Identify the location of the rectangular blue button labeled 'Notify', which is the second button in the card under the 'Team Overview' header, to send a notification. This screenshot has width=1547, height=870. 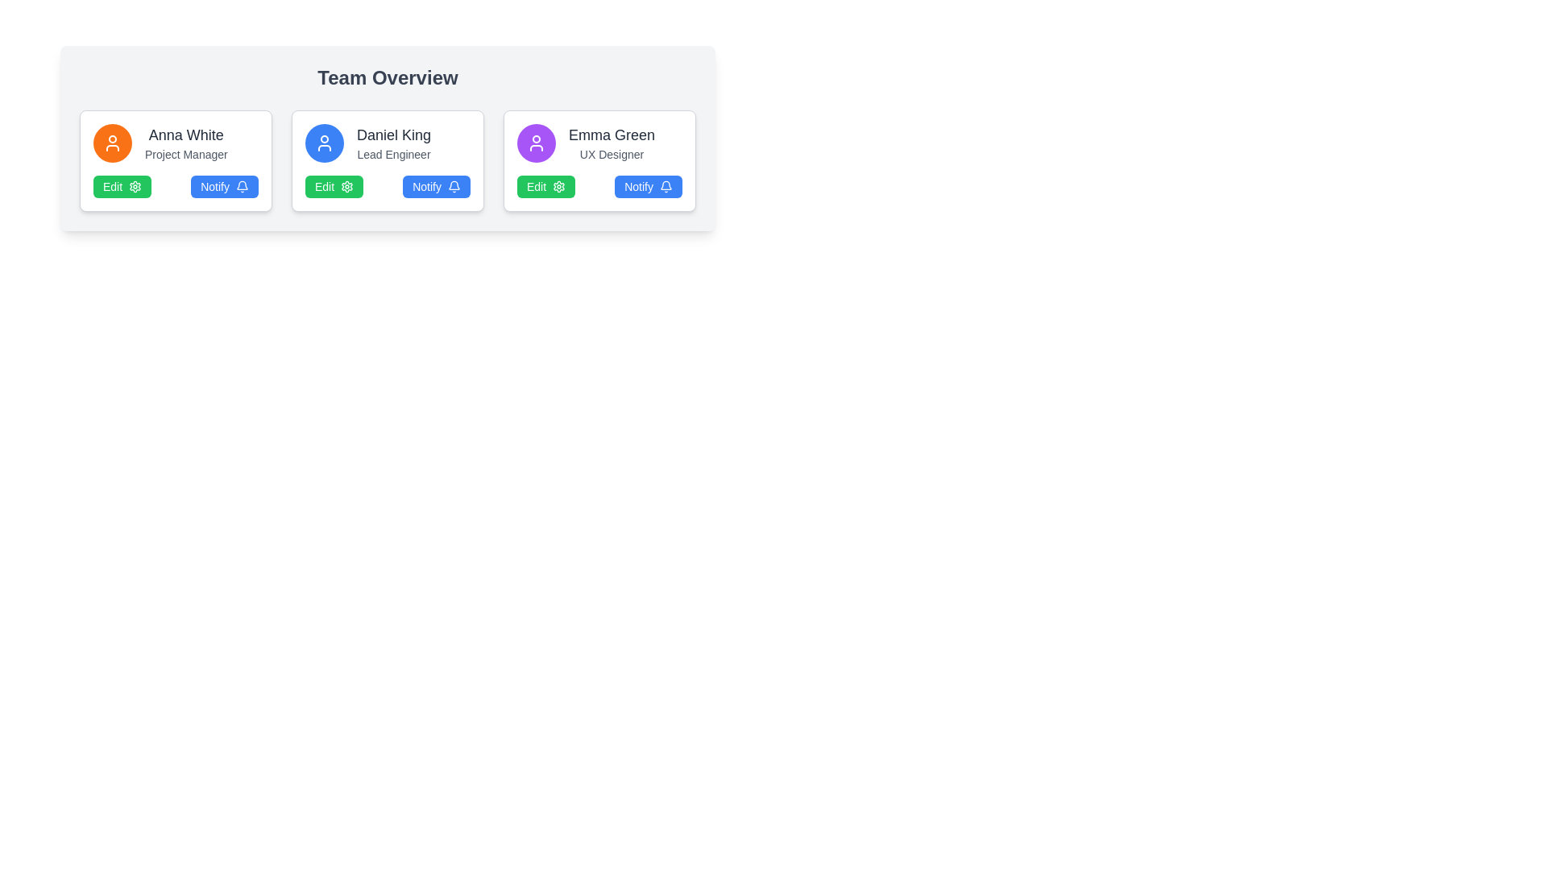
(437, 185).